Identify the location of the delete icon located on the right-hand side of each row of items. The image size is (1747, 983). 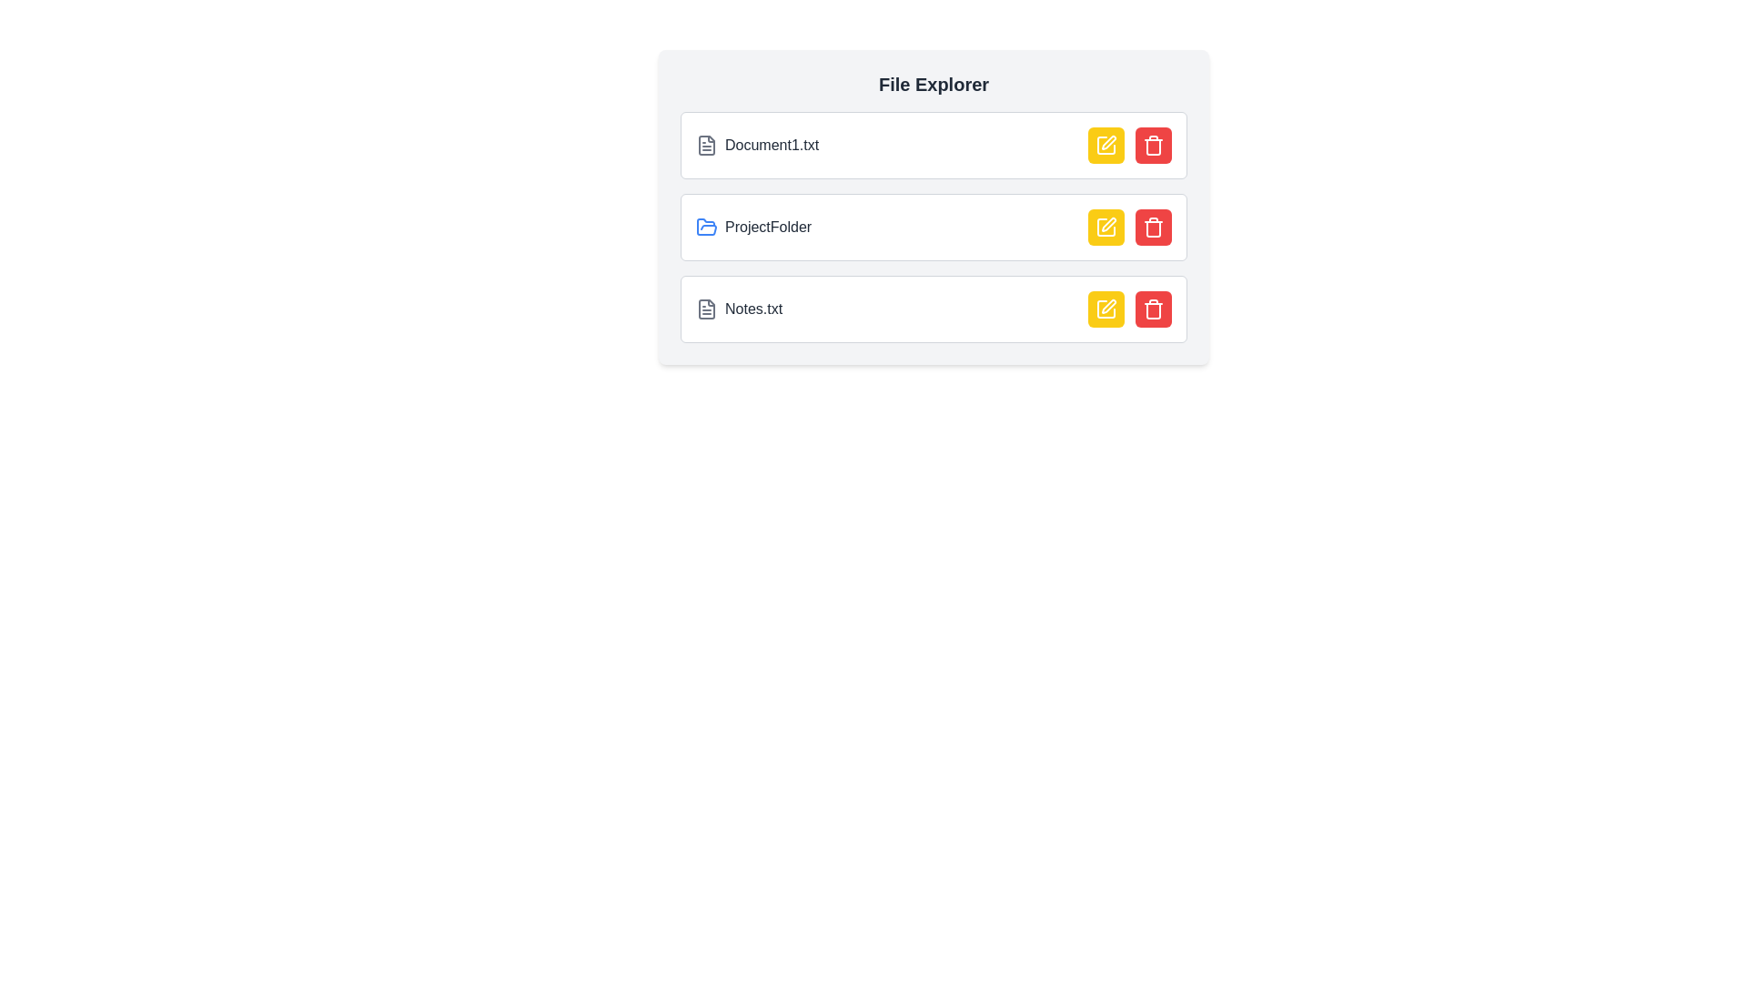
(1152, 147).